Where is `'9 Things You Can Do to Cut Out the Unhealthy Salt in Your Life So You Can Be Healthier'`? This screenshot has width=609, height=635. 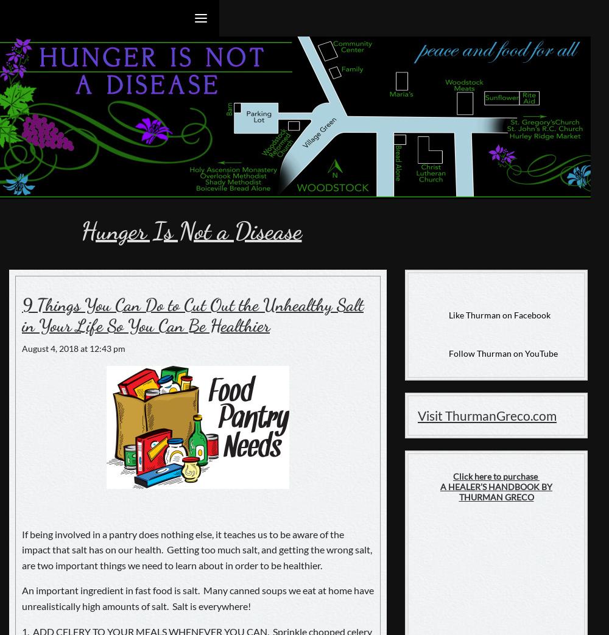 '9 Things You Can Do to Cut Out the Unhealthy Salt in Your Life So You Can Be Healthier' is located at coordinates (192, 314).